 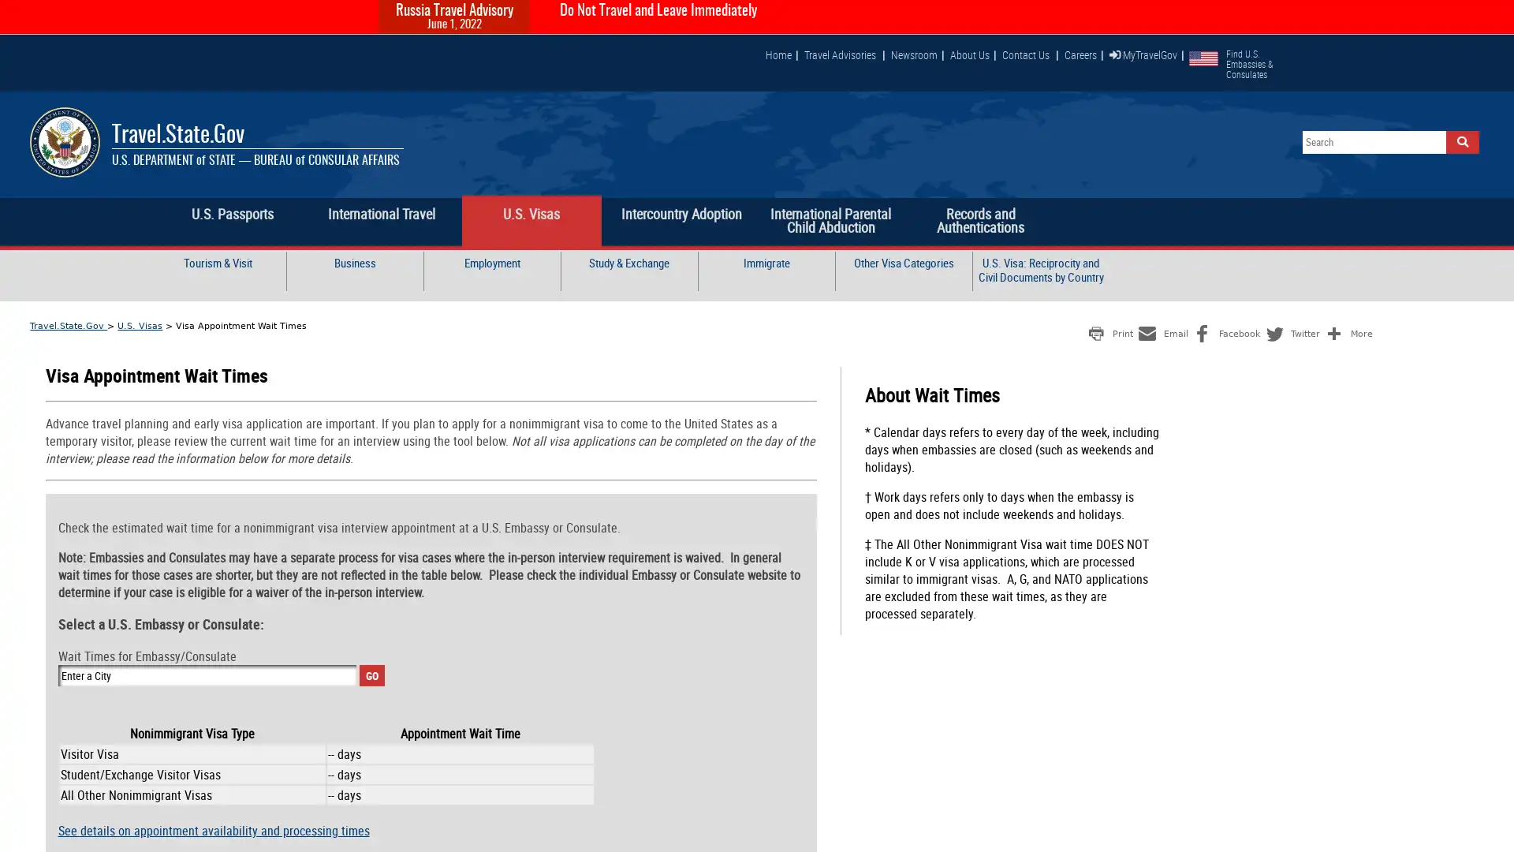 I want to click on Share to More More, so click(x=1347, y=331).